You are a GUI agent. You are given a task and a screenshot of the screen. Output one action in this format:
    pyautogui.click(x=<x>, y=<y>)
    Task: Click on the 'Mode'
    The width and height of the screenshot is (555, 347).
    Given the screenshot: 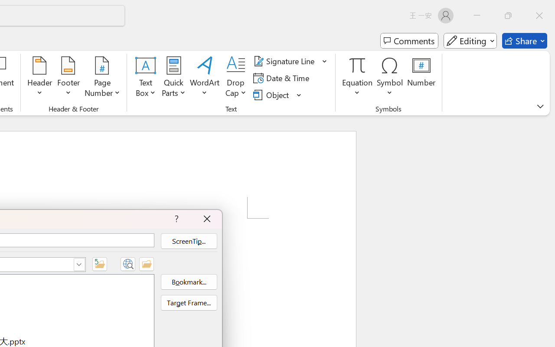 What is the action you would take?
    pyautogui.click(x=470, y=41)
    